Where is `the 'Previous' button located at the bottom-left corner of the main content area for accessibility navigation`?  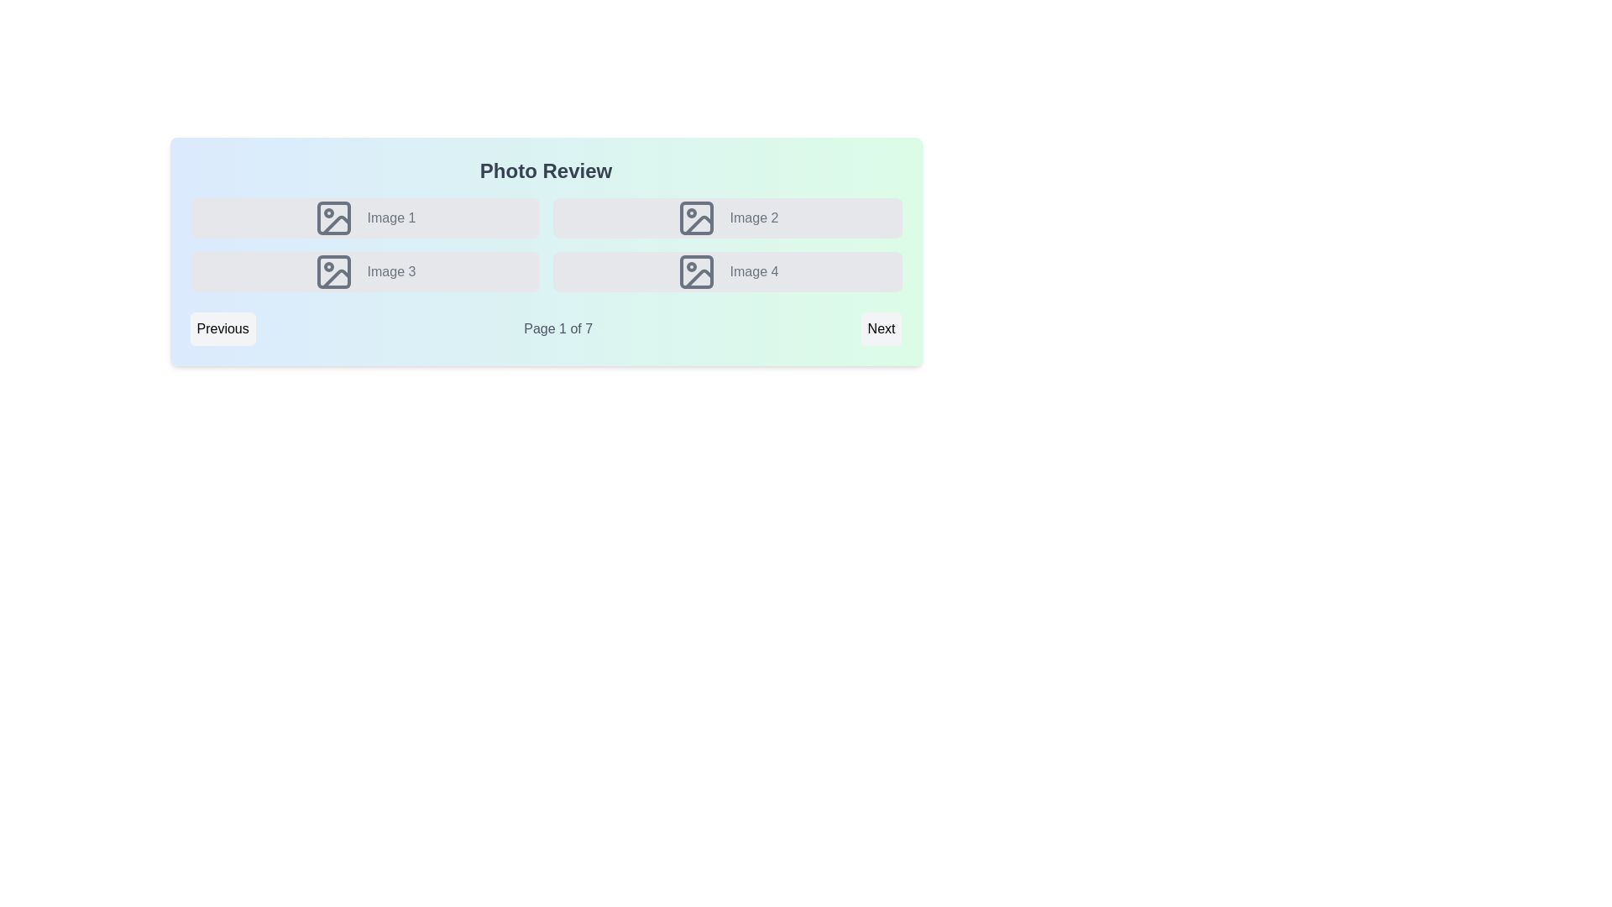
the 'Previous' button located at the bottom-left corner of the main content area for accessibility navigation is located at coordinates (222, 329).